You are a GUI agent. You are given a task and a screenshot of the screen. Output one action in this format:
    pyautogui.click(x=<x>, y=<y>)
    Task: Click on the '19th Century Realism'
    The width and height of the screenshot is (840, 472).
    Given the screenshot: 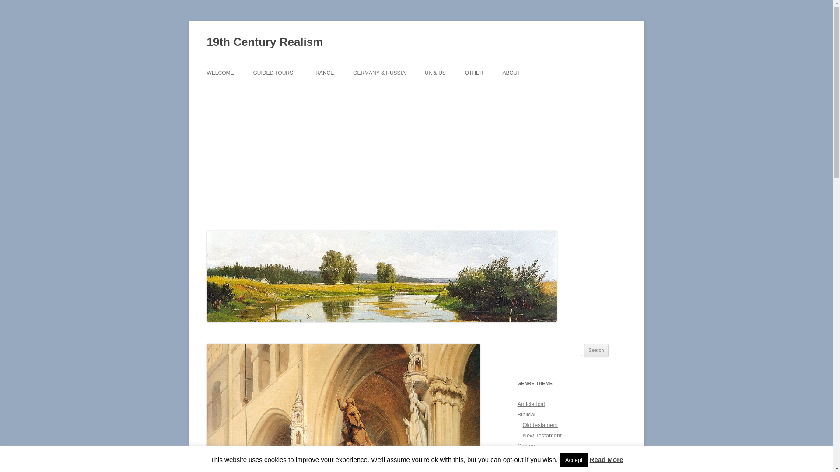 What is the action you would take?
    pyautogui.click(x=264, y=42)
    